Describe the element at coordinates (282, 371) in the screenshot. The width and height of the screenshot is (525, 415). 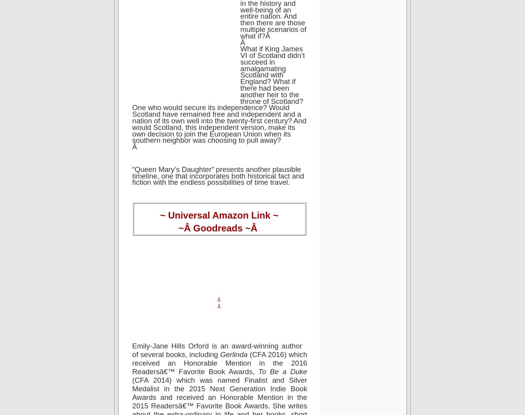
I see `'To Be a Duke'` at that location.